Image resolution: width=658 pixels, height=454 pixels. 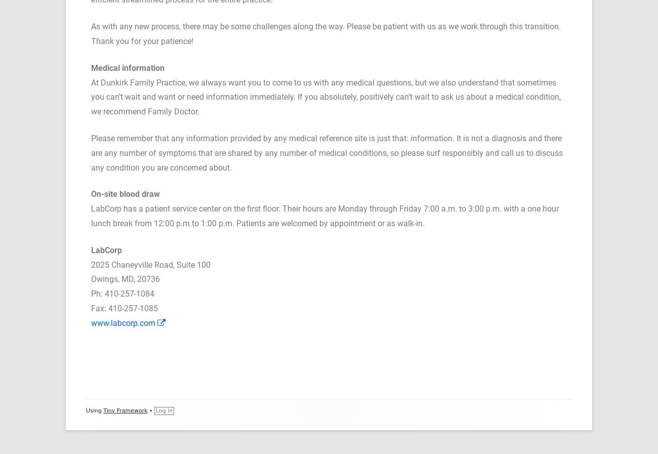 I want to click on '2025 Chaneyville Road, Suite 100', so click(x=150, y=264).